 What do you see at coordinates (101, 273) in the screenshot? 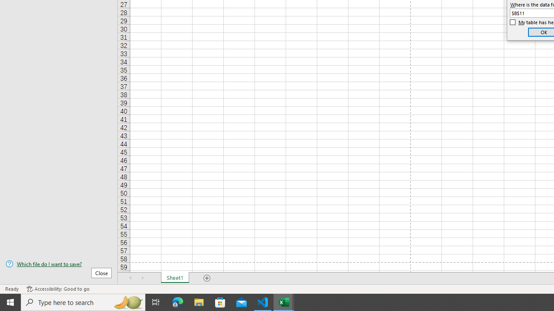
I see `'Close'` at bounding box center [101, 273].